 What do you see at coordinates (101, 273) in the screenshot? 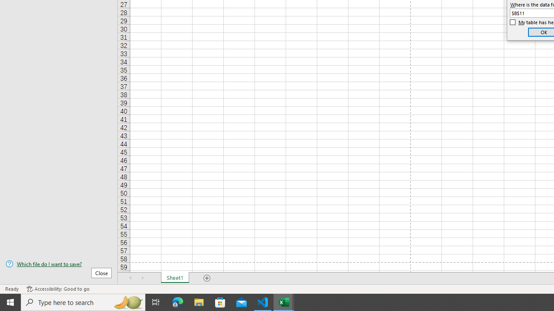
I see `'Close'` at bounding box center [101, 273].